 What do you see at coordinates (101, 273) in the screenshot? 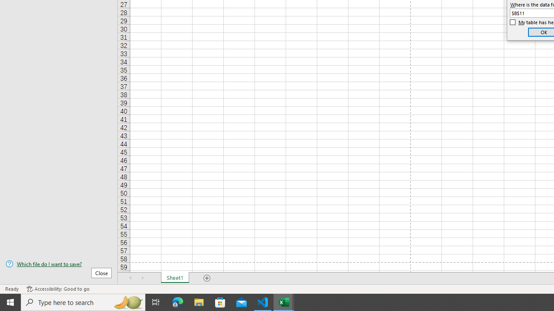
I see `'Close'` at bounding box center [101, 273].